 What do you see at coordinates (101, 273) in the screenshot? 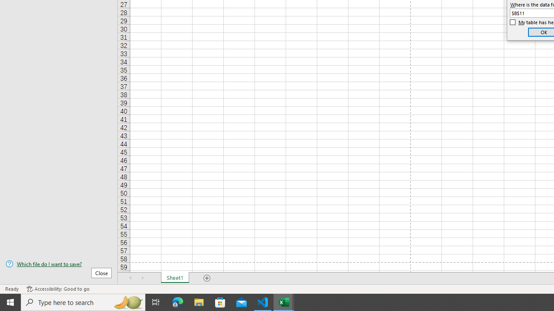
I see `'Close'` at bounding box center [101, 273].